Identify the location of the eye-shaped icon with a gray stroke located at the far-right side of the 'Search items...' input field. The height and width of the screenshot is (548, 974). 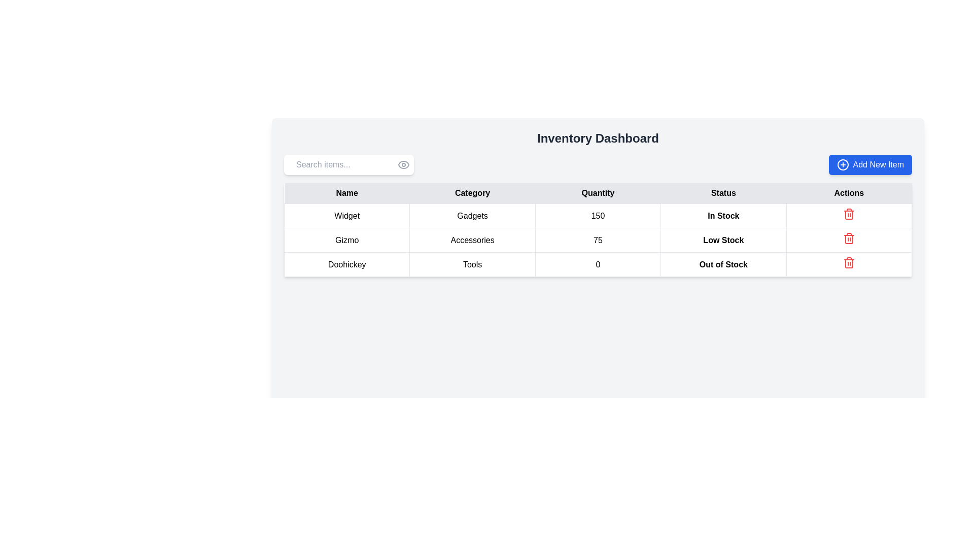
(403, 164).